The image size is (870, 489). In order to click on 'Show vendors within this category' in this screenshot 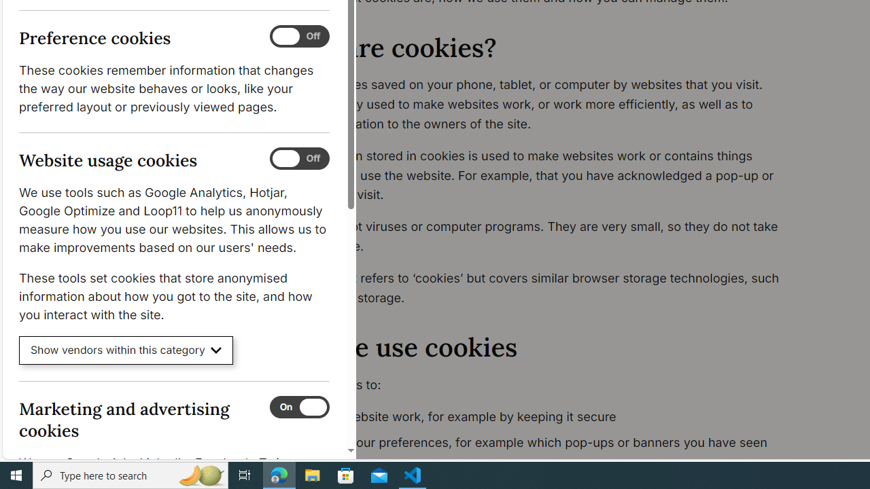, I will do `click(126, 350)`.